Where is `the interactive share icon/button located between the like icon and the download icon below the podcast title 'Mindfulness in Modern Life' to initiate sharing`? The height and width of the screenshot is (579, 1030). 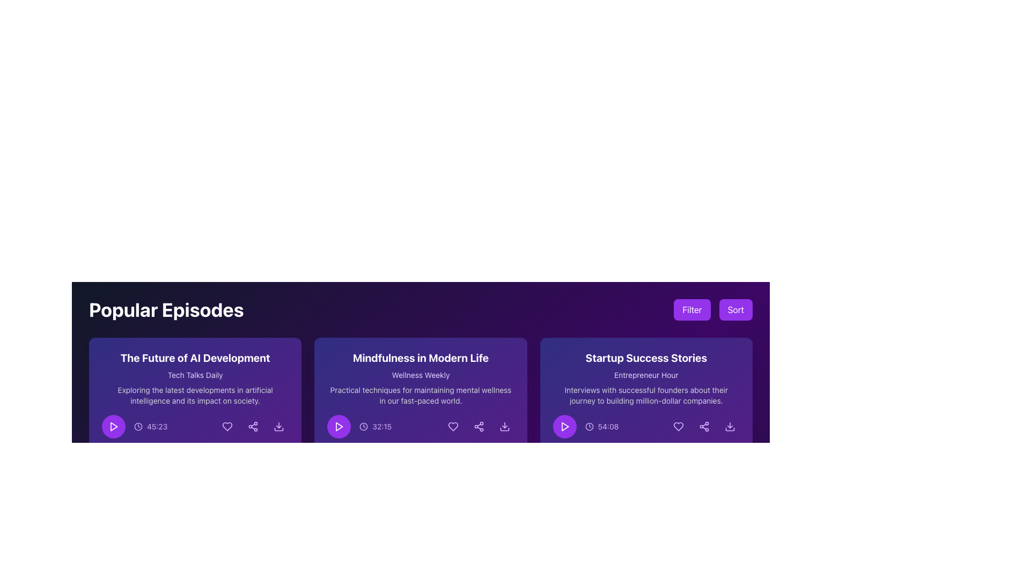 the interactive share icon/button located between the like icon and the download icon below the podcast title 'Mindfulness in Modern Life' to initiate sharing is located at coordinates (478, 426).